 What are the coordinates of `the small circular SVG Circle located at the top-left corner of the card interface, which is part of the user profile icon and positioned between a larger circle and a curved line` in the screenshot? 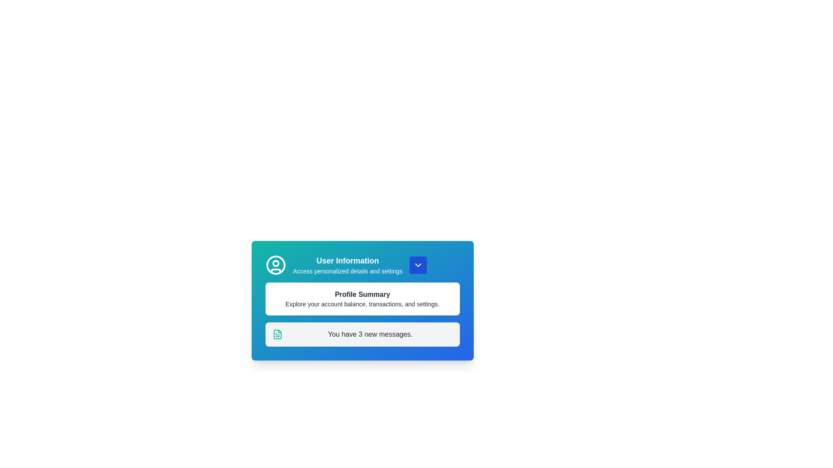 It's located at (275, 263).